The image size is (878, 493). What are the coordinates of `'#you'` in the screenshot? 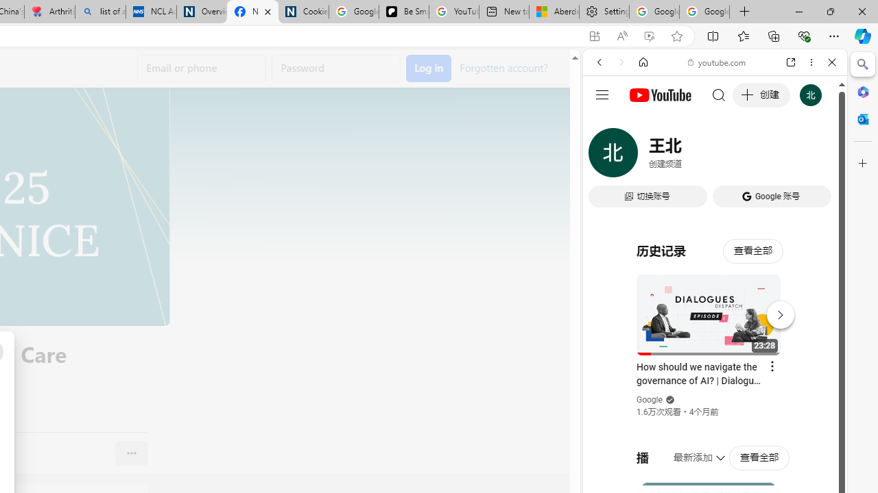 It's located at (714, 305).